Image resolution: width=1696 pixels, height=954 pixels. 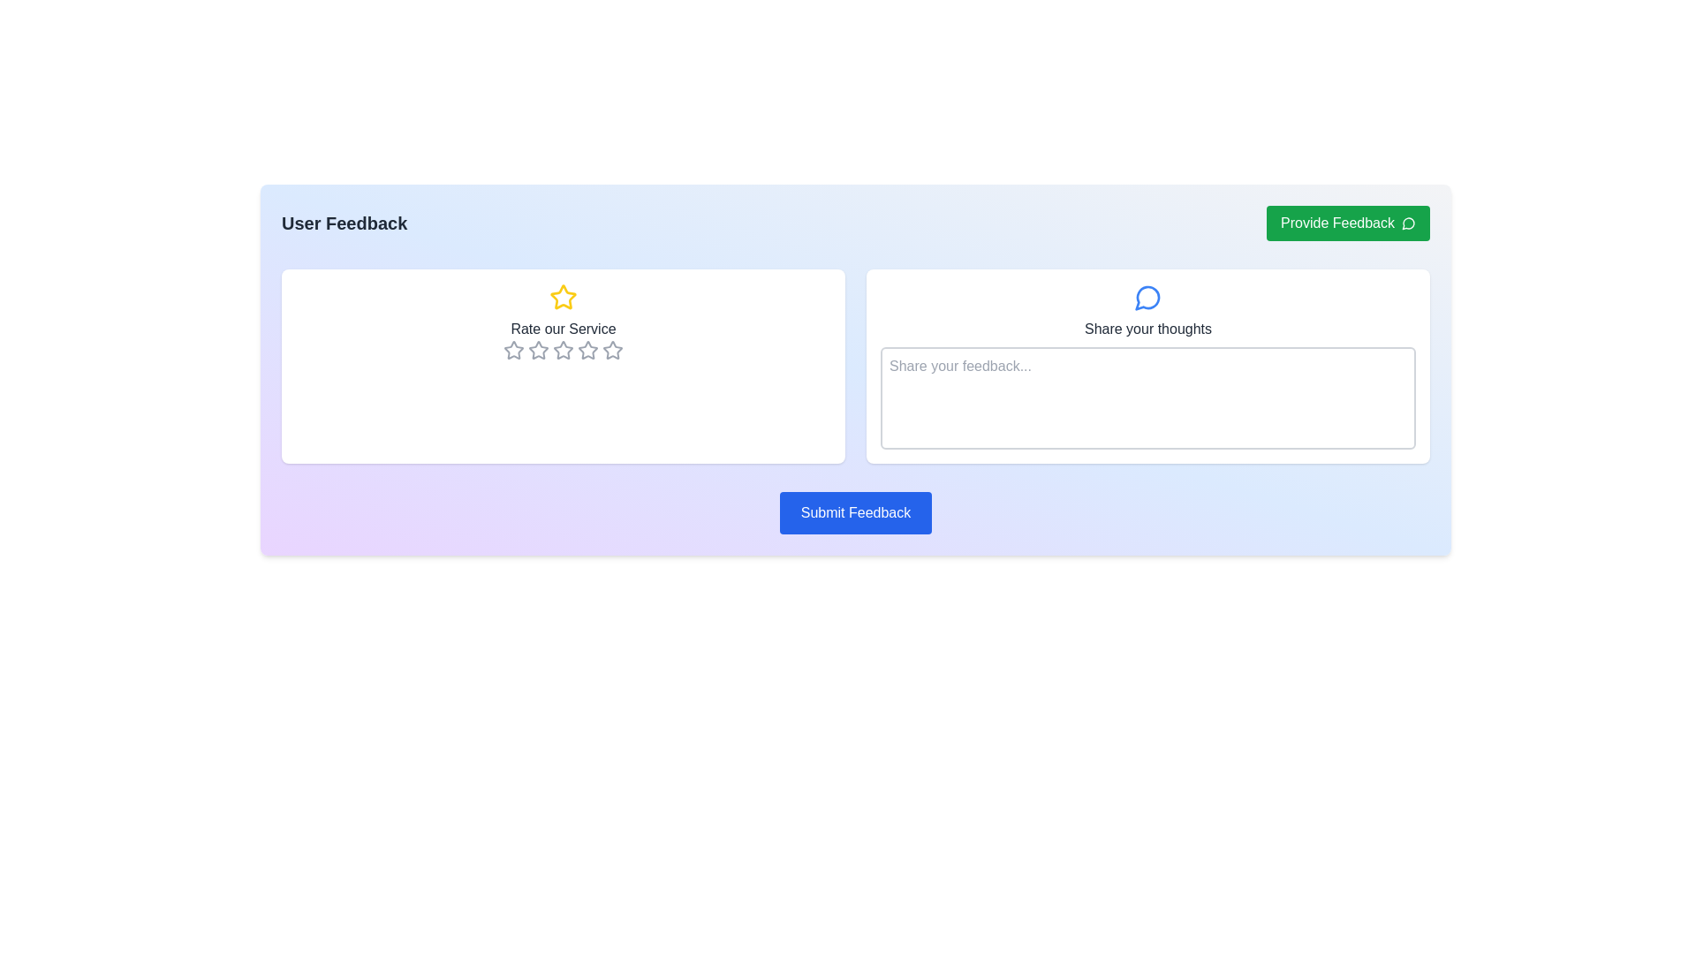 What do you see at coordinates (563, 351) in the screenshot?
I see `the third star of the Rating Control (Stars) within the 'Rate our Service' feedback card` at bounding box center [563, 351].